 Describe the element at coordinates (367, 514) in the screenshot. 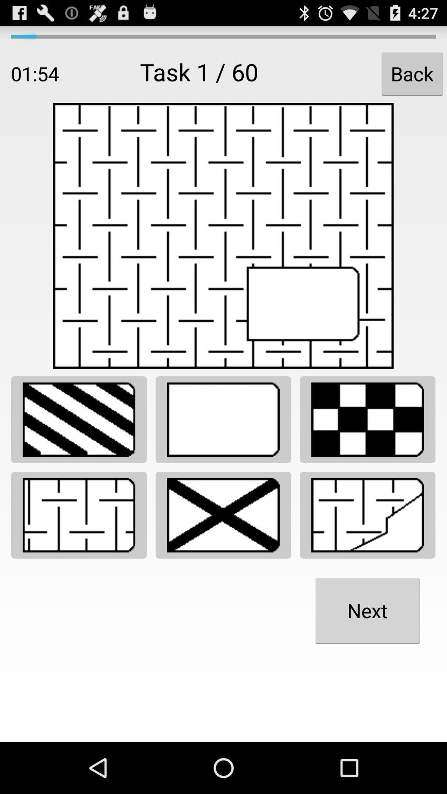

I see `mismatched section` at that location.